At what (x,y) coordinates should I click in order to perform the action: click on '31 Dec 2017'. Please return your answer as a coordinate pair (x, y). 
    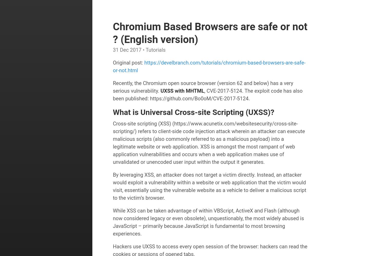
    Looking at the image, I should click on (112, 50).